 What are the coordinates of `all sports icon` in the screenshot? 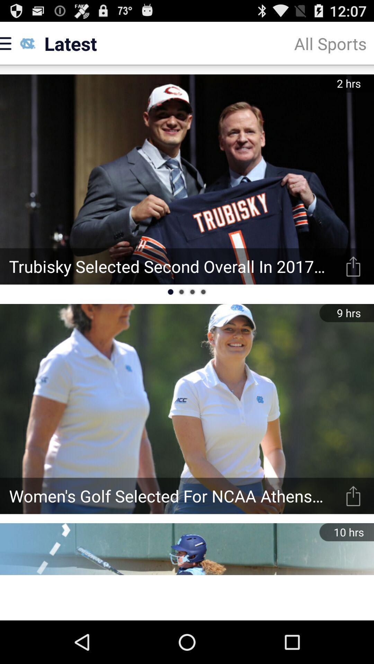 It's located at (330, 43).